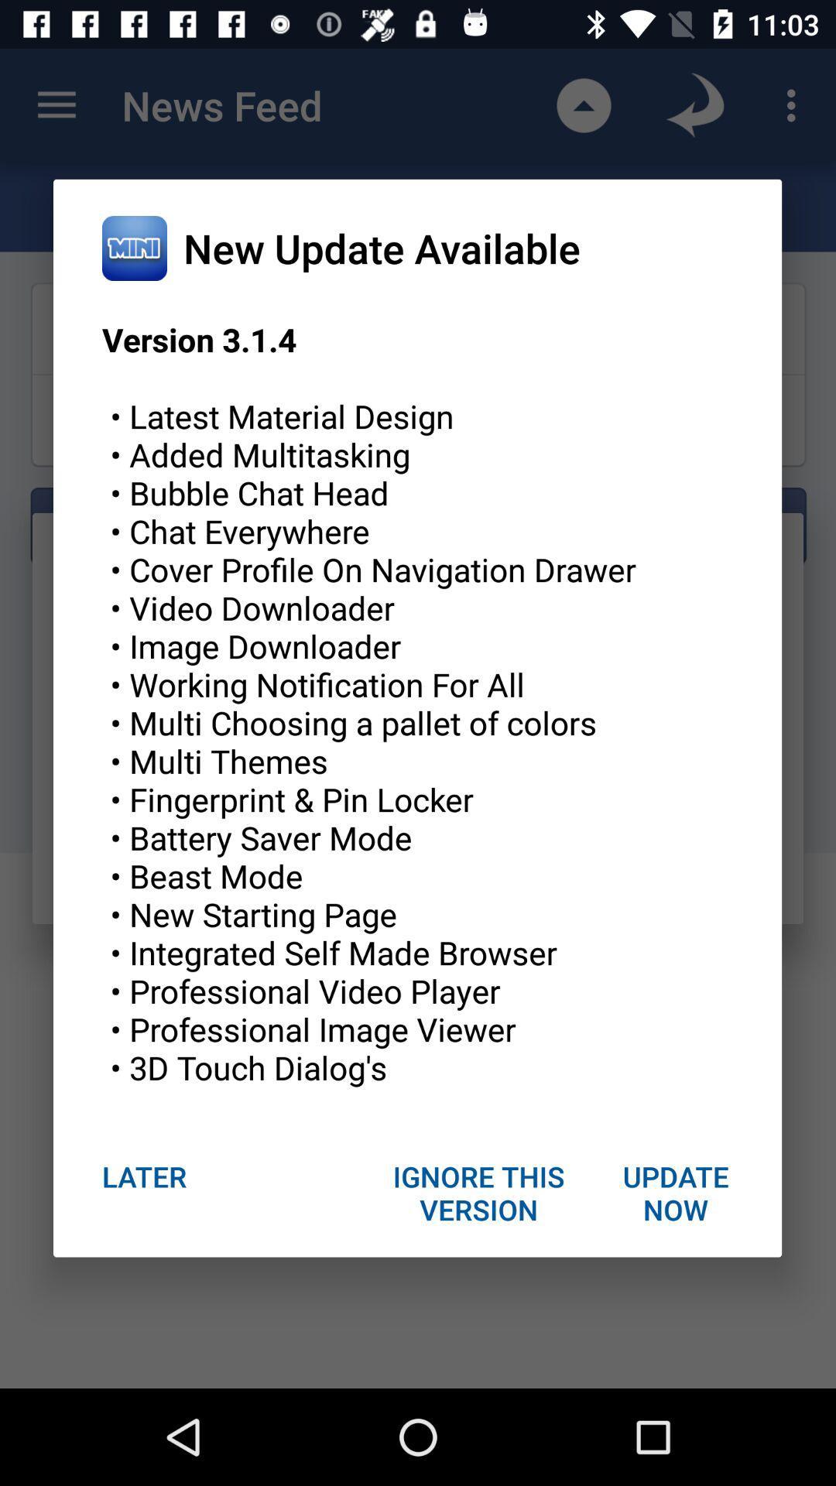 Image resolution: width=836 pixels, height=1486 pixels. What do you see at coordinates (144, 1176) in the screenshot?
I see `the item at the bottom left corner` at bounding box center [144, 1176].